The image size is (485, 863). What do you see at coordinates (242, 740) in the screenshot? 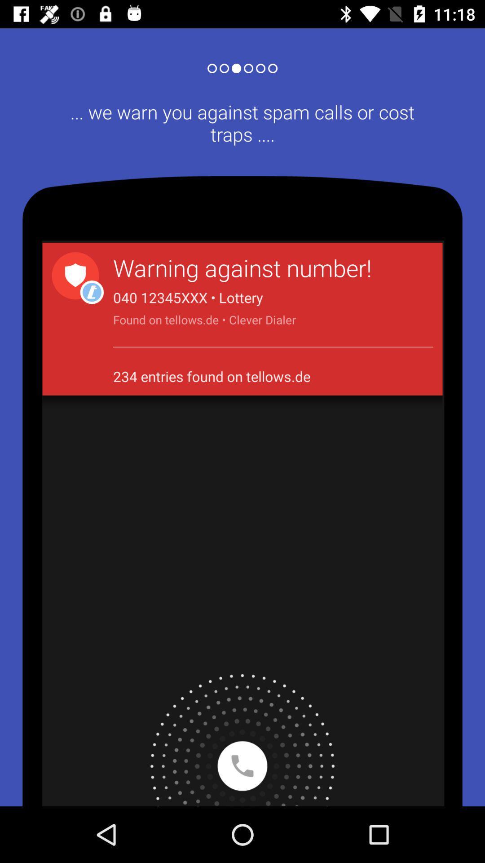
I see `the phone icon` at bounding box center [242, 740].